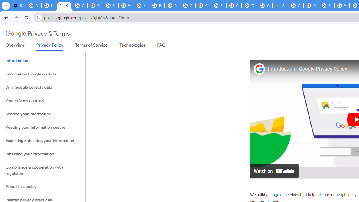  What do you see at coordinates (5, 17) in the screenshot?
I see `'Back'` at bounding box center [5, 17].